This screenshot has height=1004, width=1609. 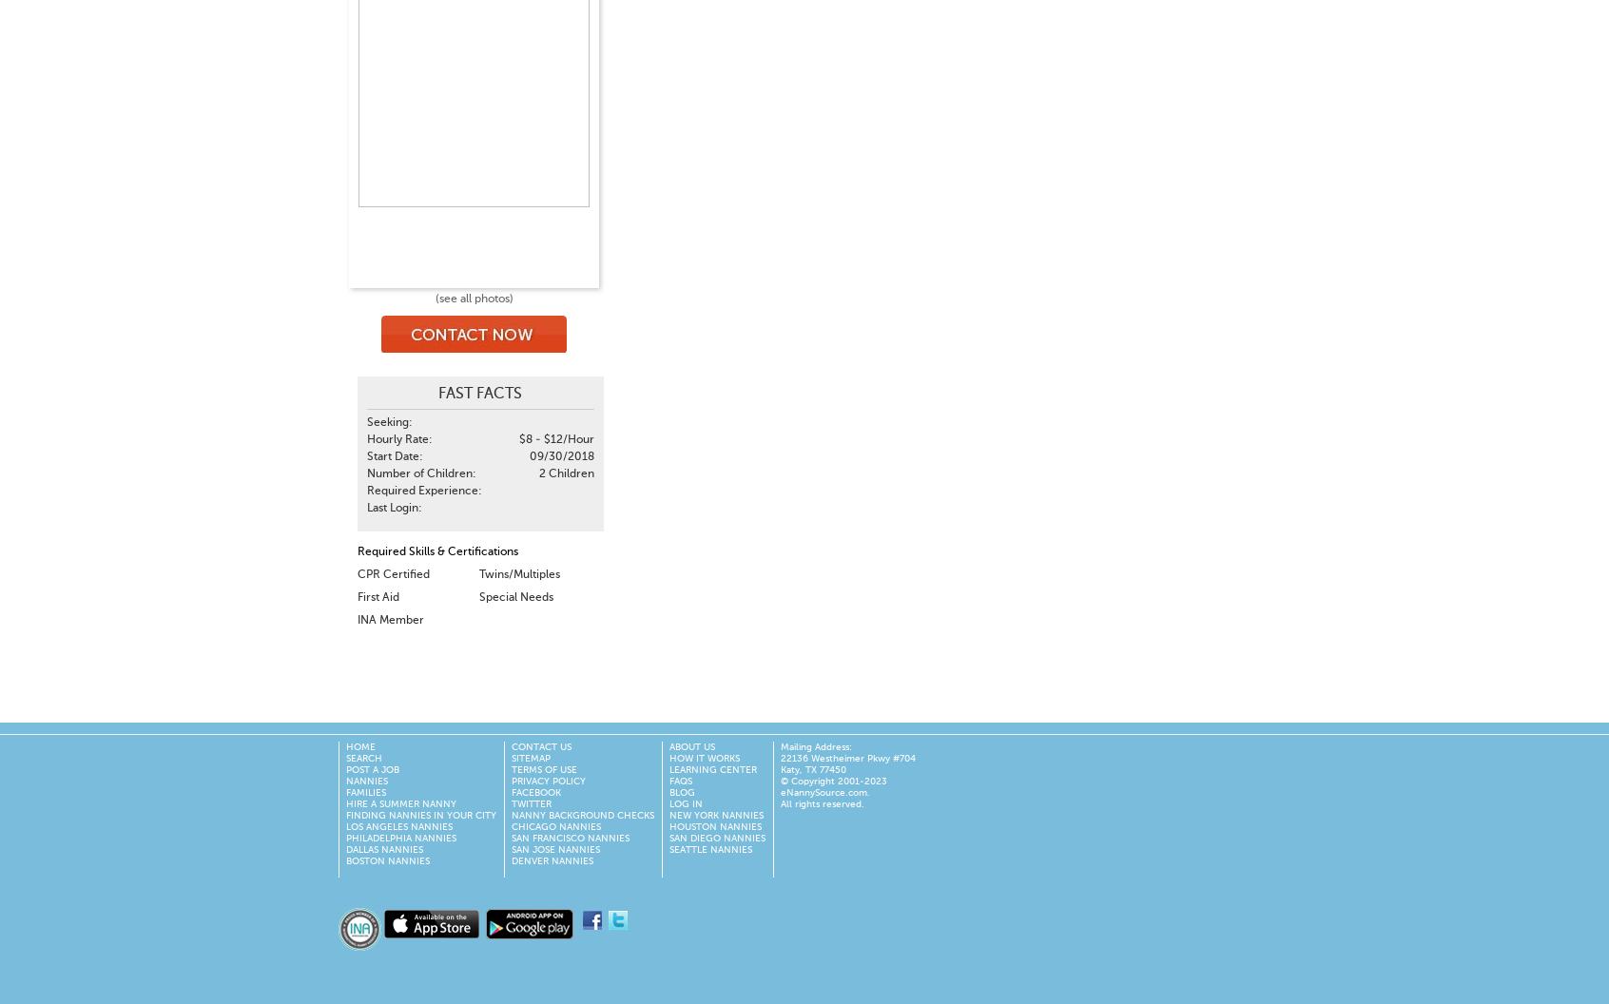 I want to click on 'Twins/Multiples', so click(x=518, y=573).